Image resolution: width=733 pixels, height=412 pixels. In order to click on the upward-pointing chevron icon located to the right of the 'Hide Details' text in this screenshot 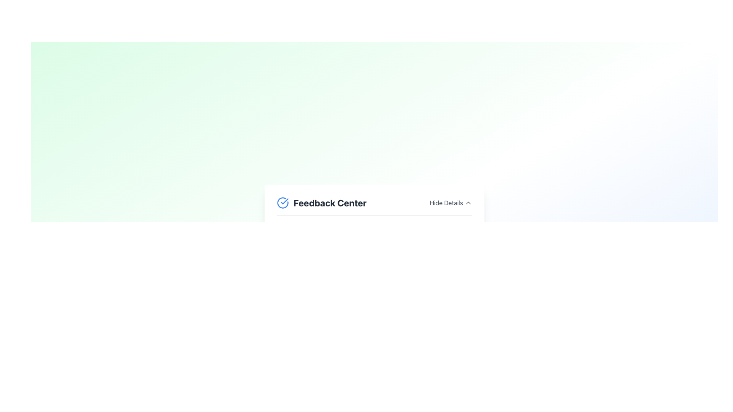, I will do `click(468, 202)`.